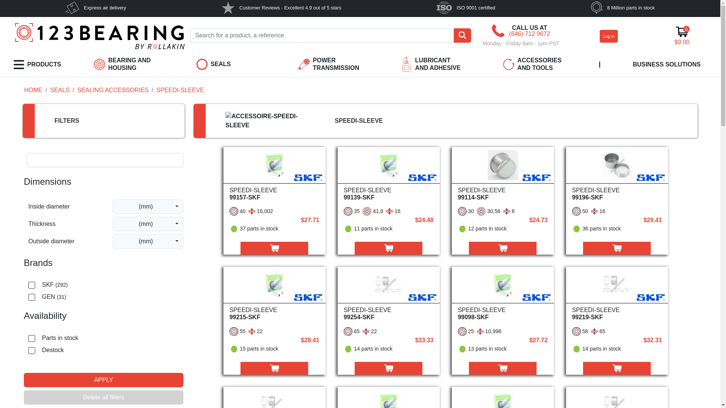  What do you see at coordinates (281, 8) in the screenshot?
I see `'Customer Reviews - Excellent 4.9 out of 5 stars` at bounding box center [281, 8].